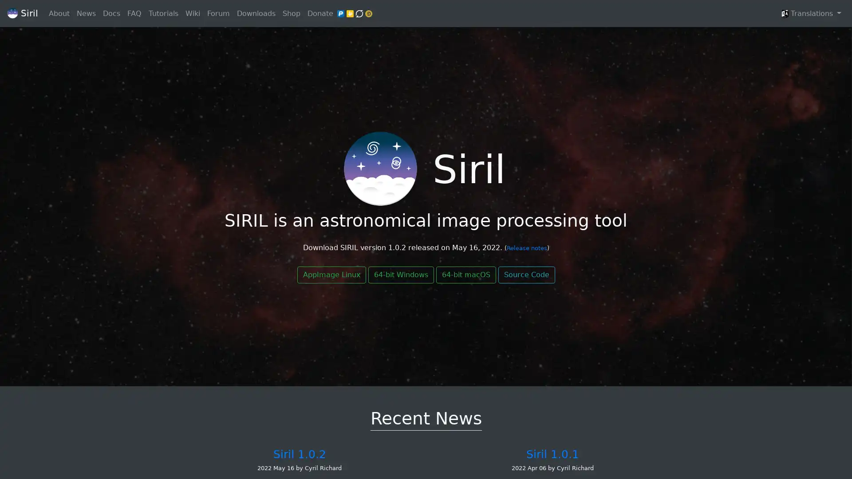  I want to click on 64-bit Windows, so click(400, 275).